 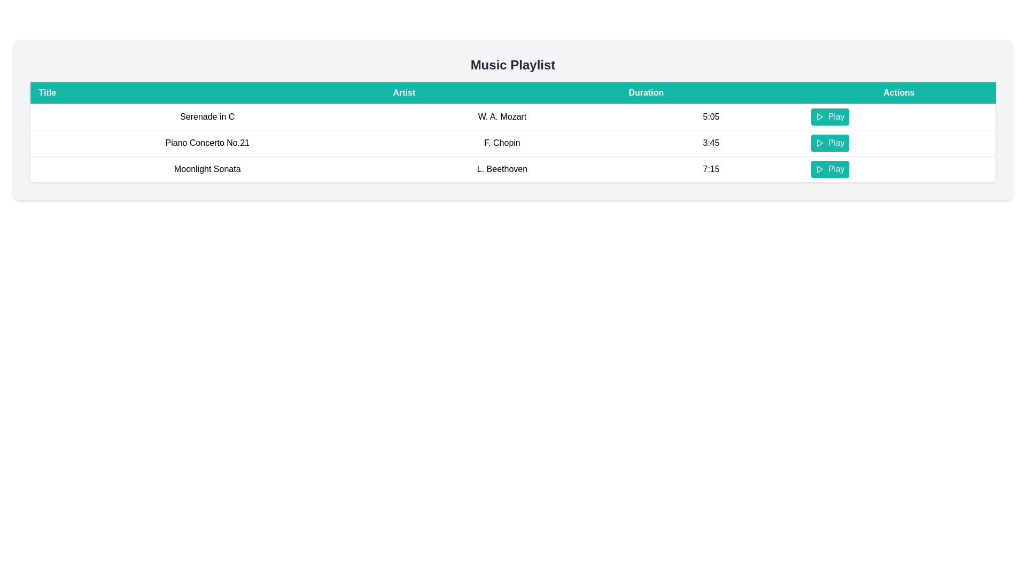 What do you see at coordinates (502, 117) in the screenshot?
I see `the text label displaying the artist name 'W. A. Mozart', which is located in the second column of the first data row between 'Serenade in C' and '5:05'` at bounding box center [502, 117].